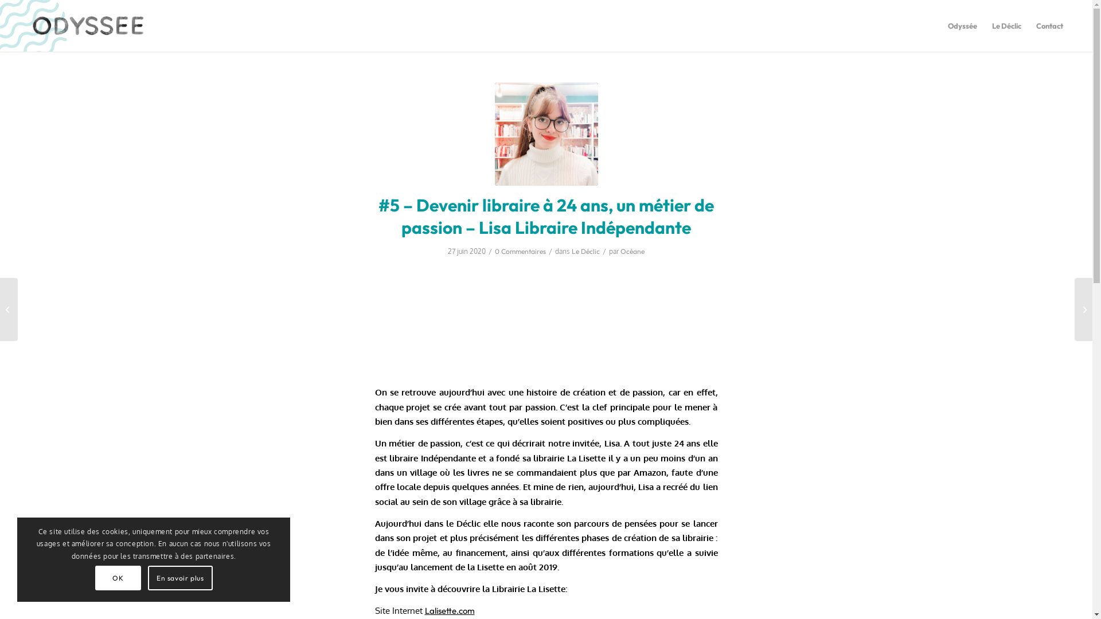 Image resolution: width=1101 pixels, height=619 pixels. What do you see at coordinates (448, 610) in the screenshot?
I see `'Lalisette.com'` at bounding box center [448, 610].